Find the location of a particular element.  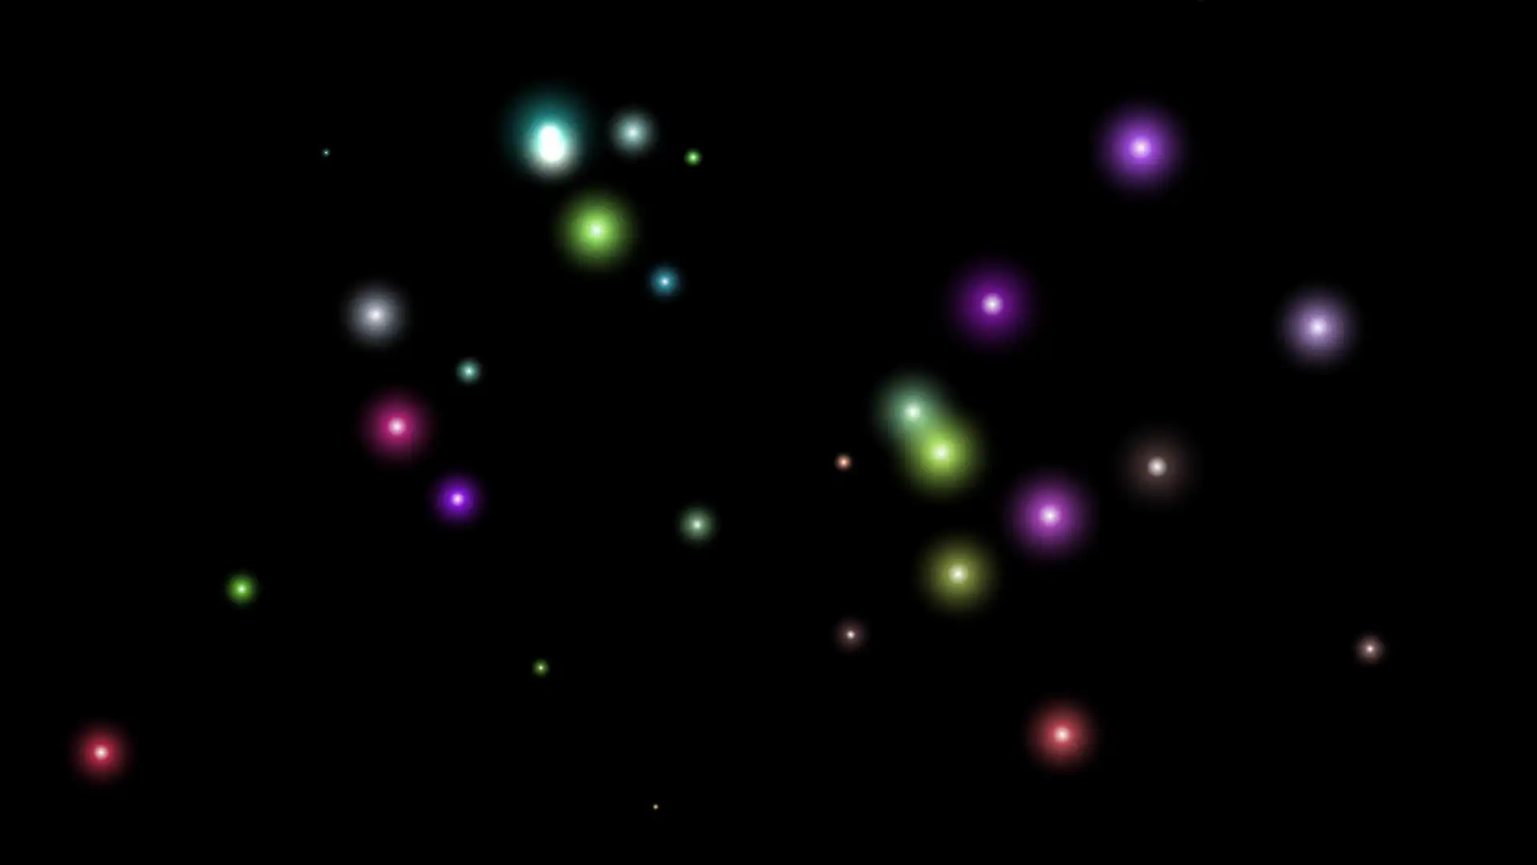

Pause is located at coordinates (147, 15).